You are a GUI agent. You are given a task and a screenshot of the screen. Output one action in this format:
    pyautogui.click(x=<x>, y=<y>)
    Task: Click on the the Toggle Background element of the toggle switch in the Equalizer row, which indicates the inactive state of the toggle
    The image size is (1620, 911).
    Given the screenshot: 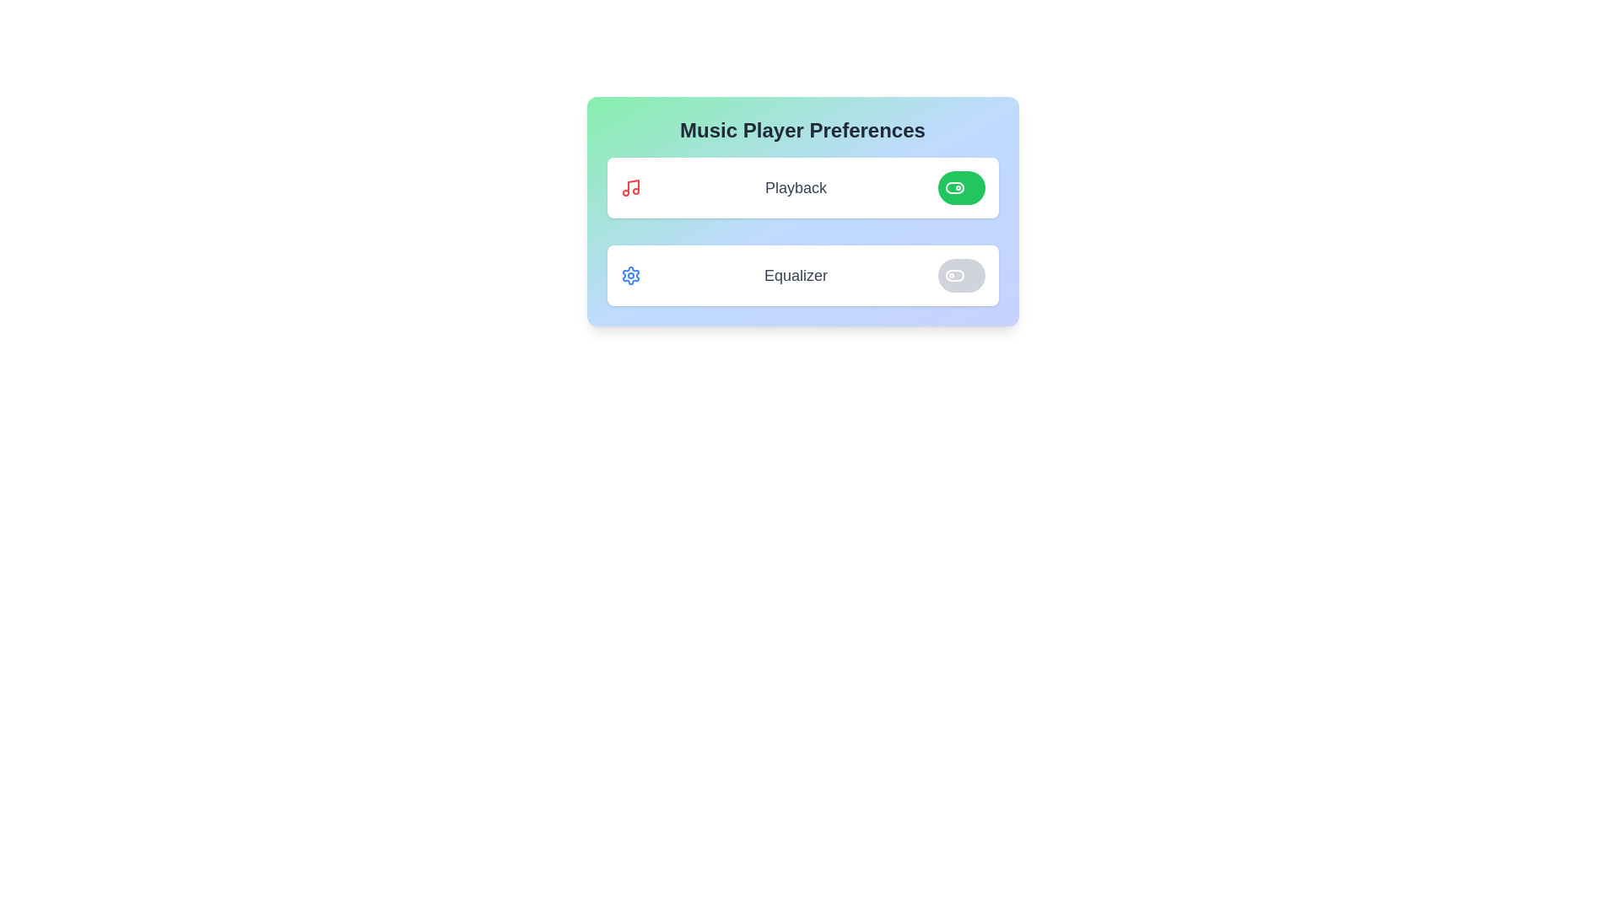 What is the action you would take?
    pyautogui.click(x=954, y=275)
    